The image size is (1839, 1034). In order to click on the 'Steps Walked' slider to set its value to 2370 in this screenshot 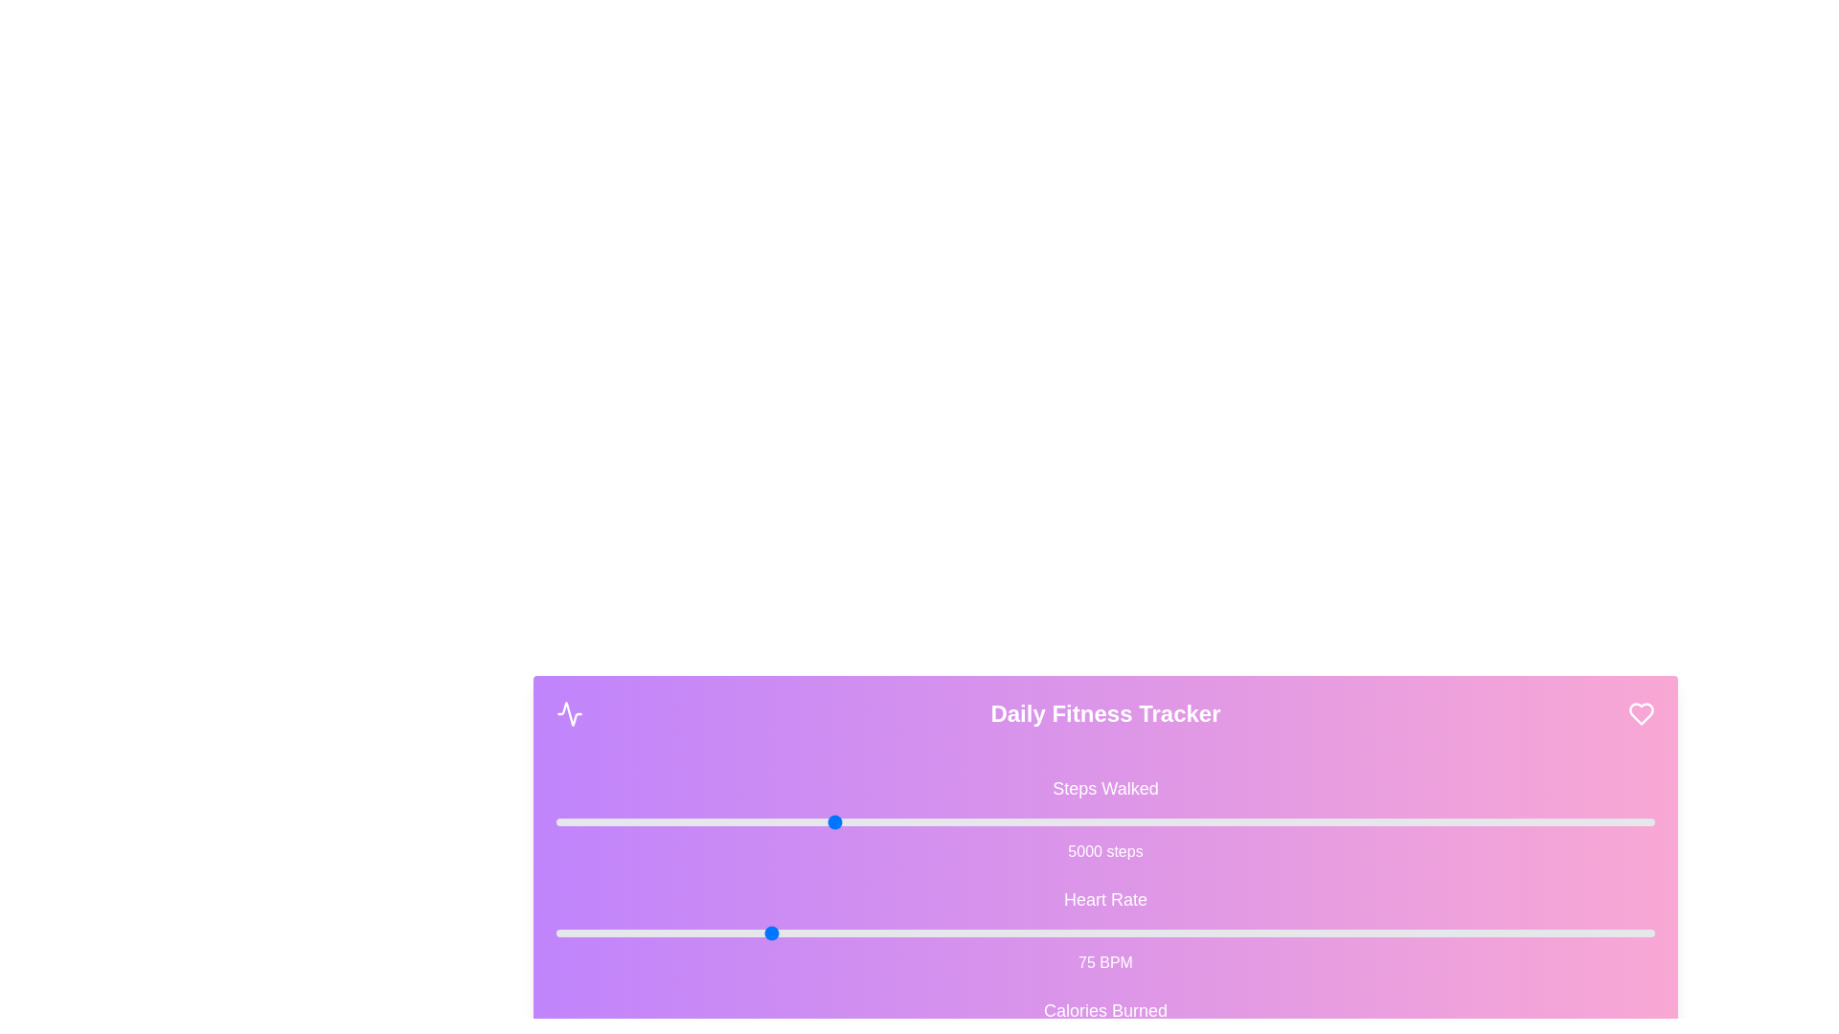, I will do `click(686, 821)`.